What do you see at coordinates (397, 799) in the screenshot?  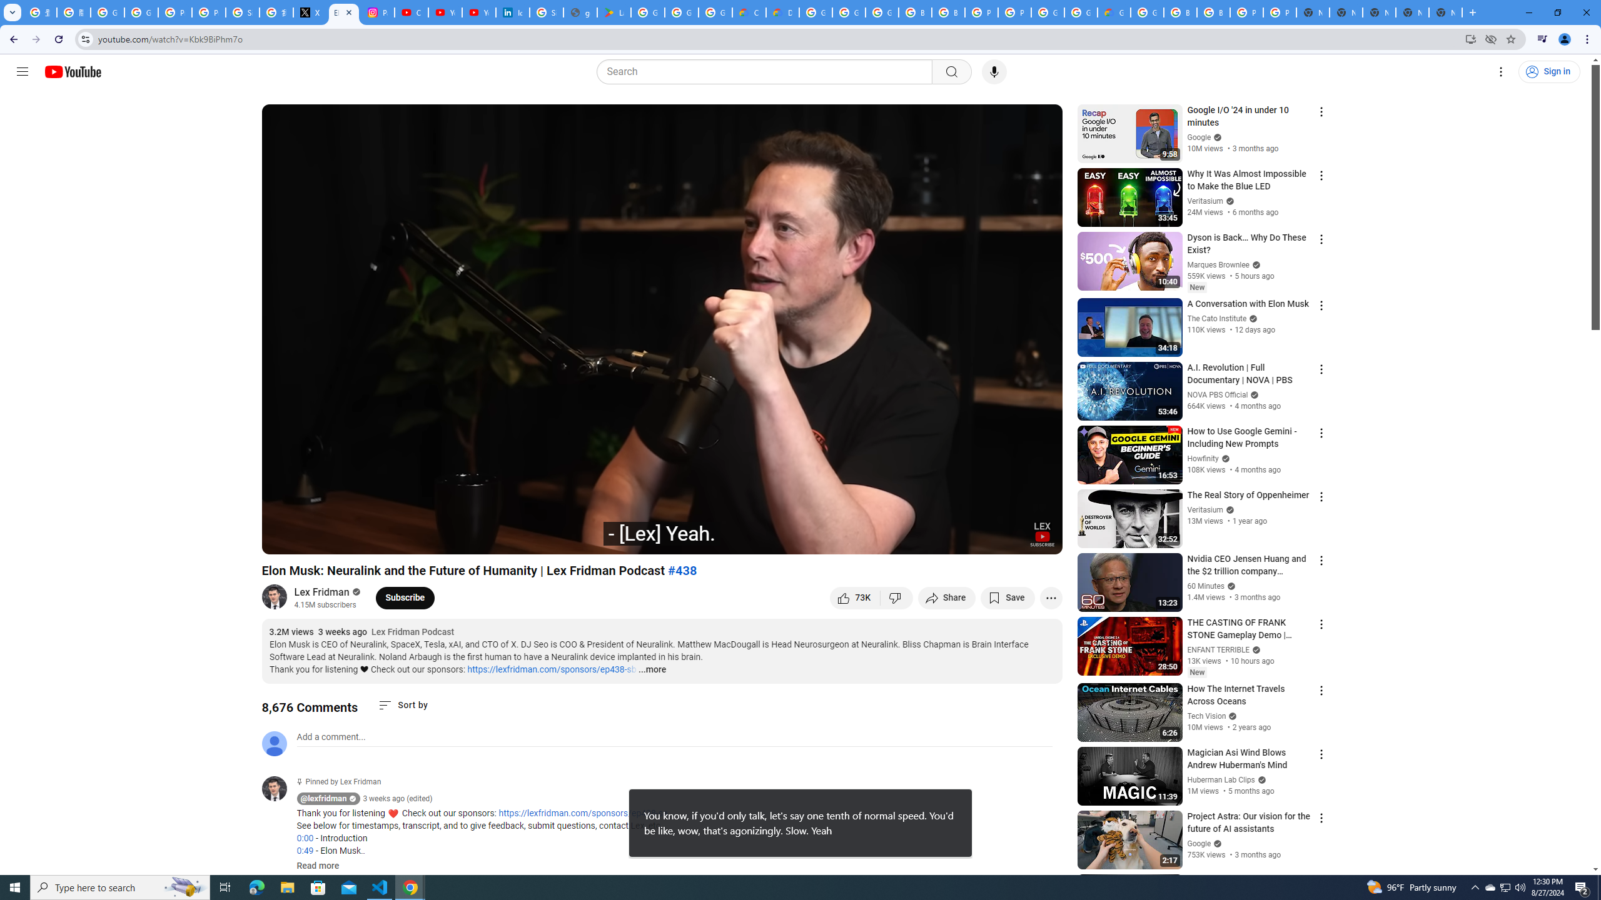 I see `'3 weeks ago (edited)'` at bounding box center [397, 799].